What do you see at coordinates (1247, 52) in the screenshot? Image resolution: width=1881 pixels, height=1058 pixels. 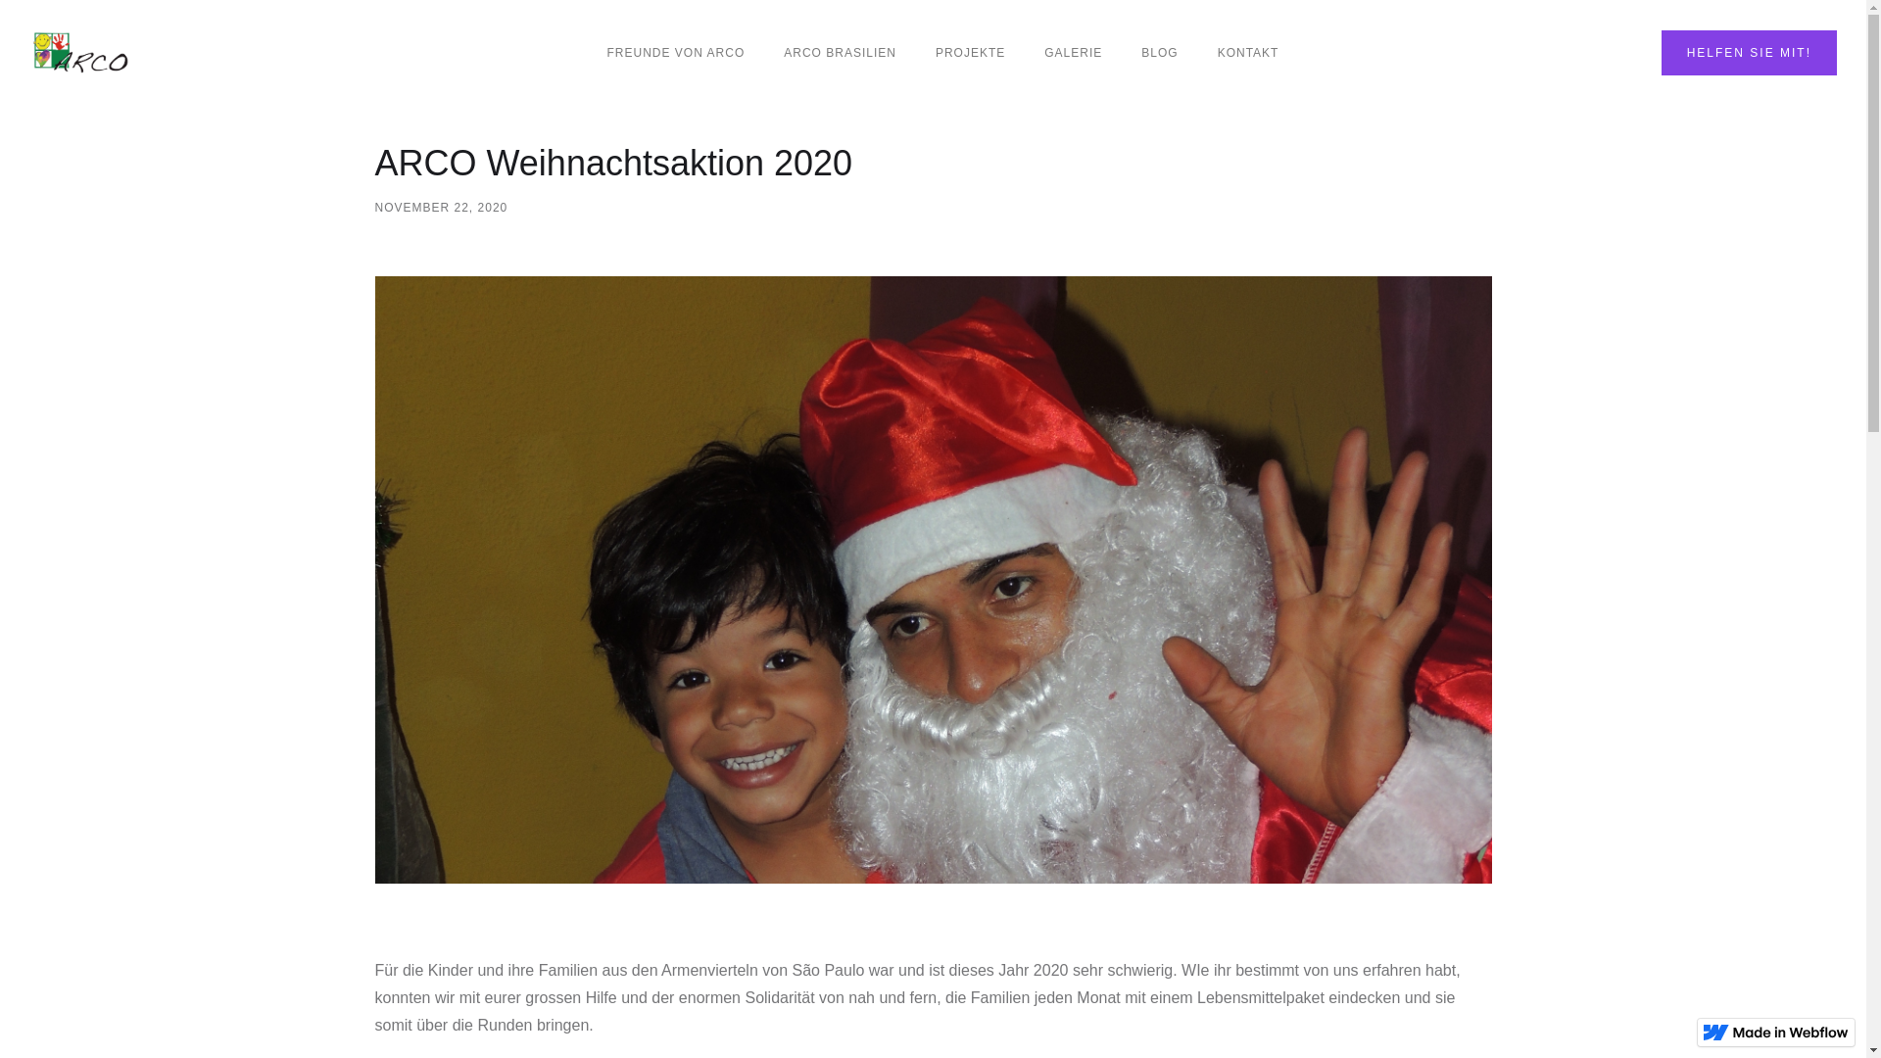 I see `'KONTAKT'` at bounding box center [1247, 52].